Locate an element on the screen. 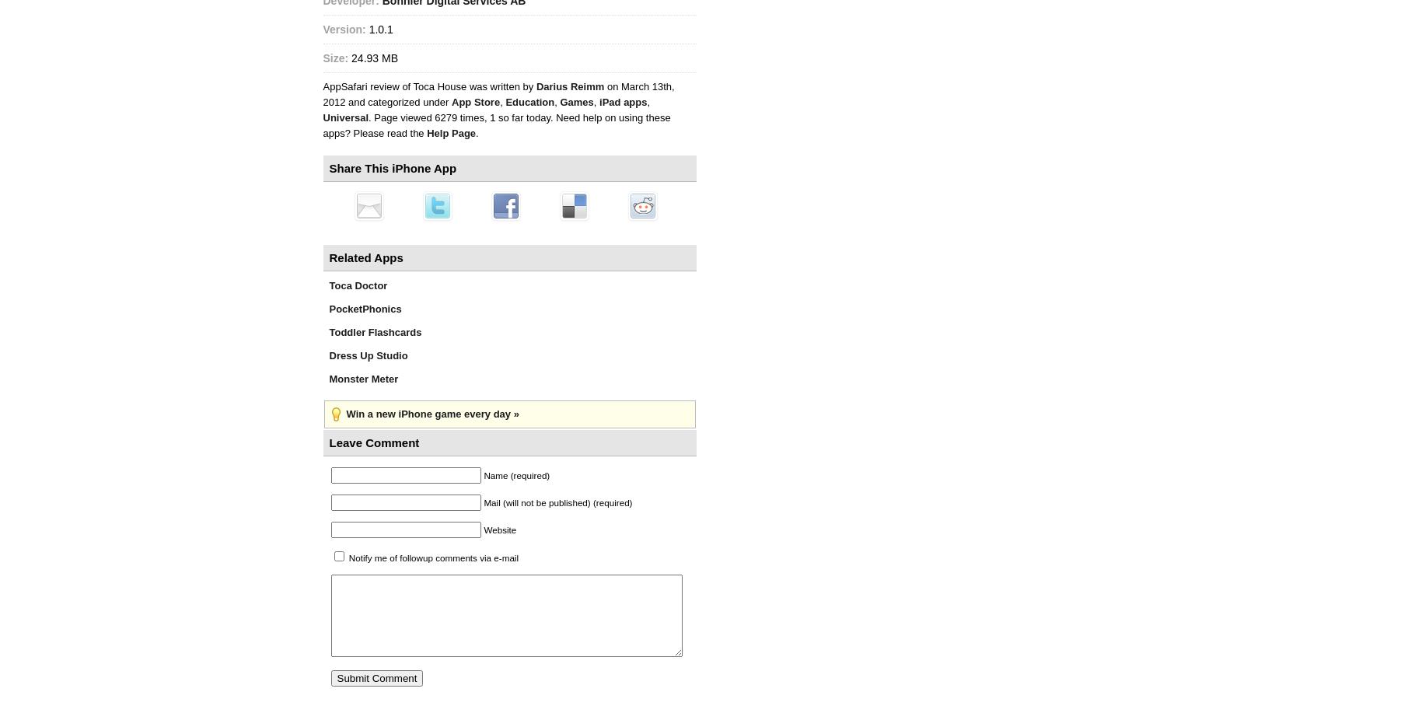  '.' is located at coordinates (477, 133).